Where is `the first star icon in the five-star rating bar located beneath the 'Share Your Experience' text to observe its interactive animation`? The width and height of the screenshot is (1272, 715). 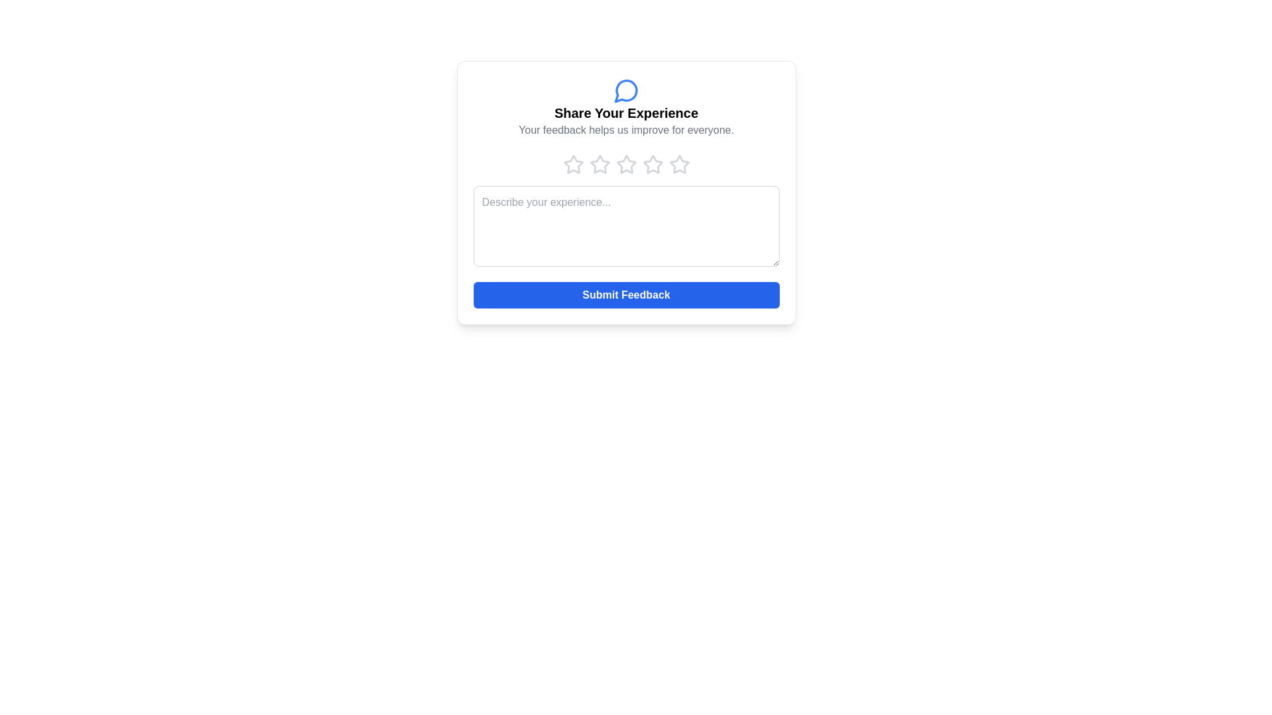
the first star icon in the five-star rating bar located beneath the 'Share Your Experience' text to observe its interactive animation is located at coordinates (573, 164).